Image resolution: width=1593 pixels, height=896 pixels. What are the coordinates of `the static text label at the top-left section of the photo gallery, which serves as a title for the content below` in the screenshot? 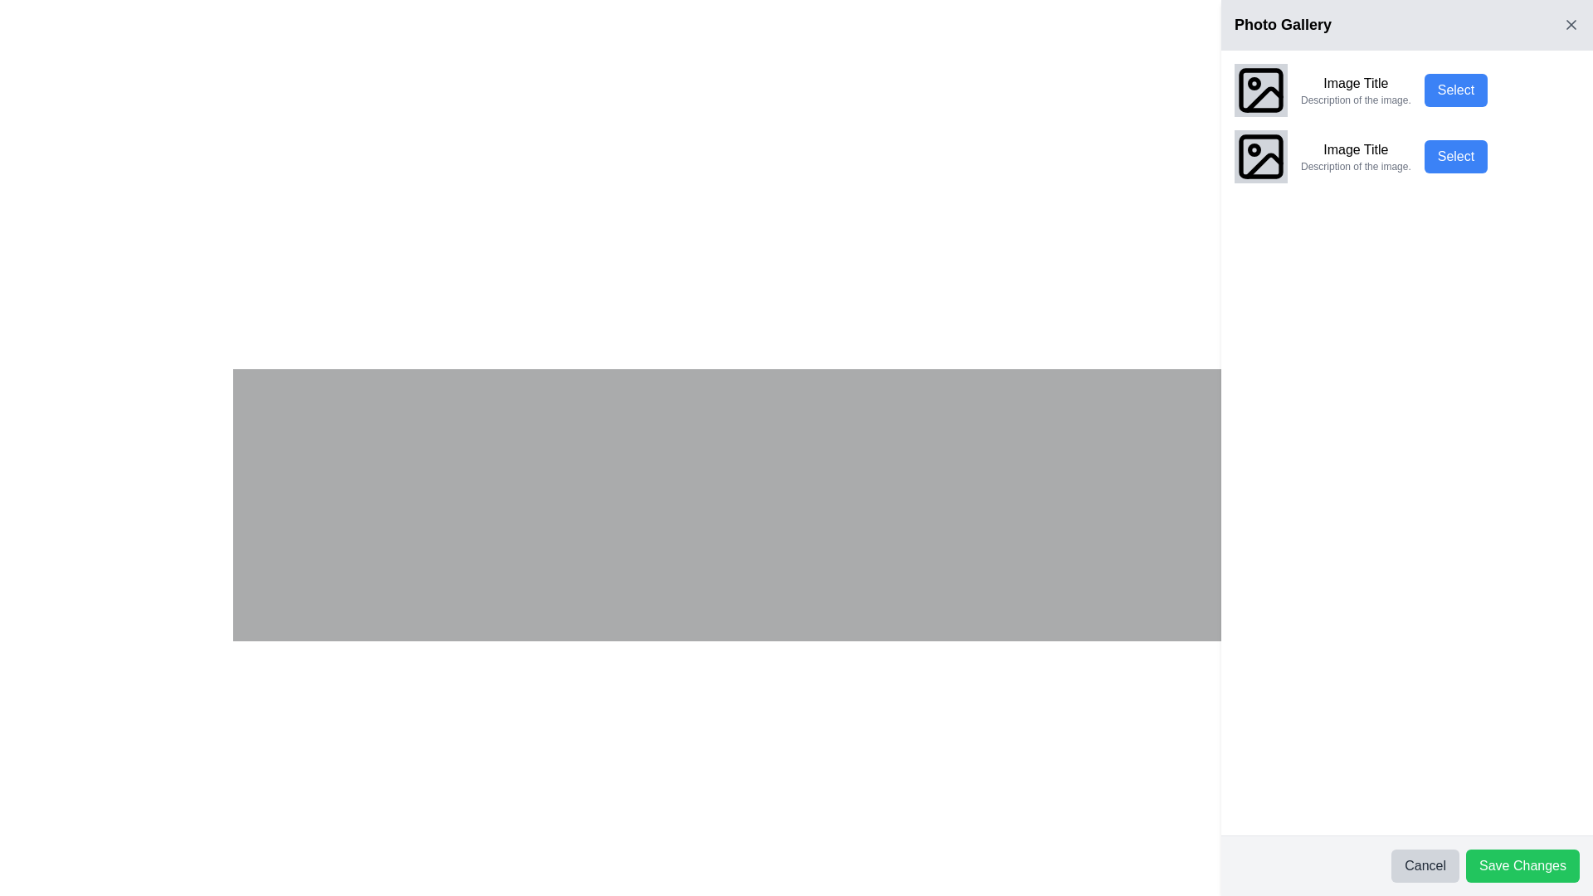 It's located at (1282, 25).